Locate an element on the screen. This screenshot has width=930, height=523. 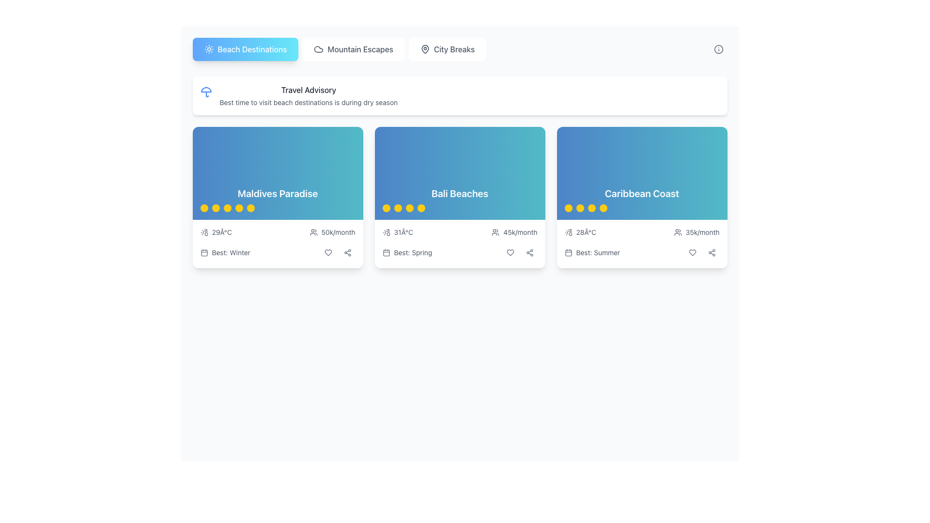
the icon representing 'Beach Destinations' located on the left side of the corresponding button in the horizontal menu bar is located at coordinates (208, 49).